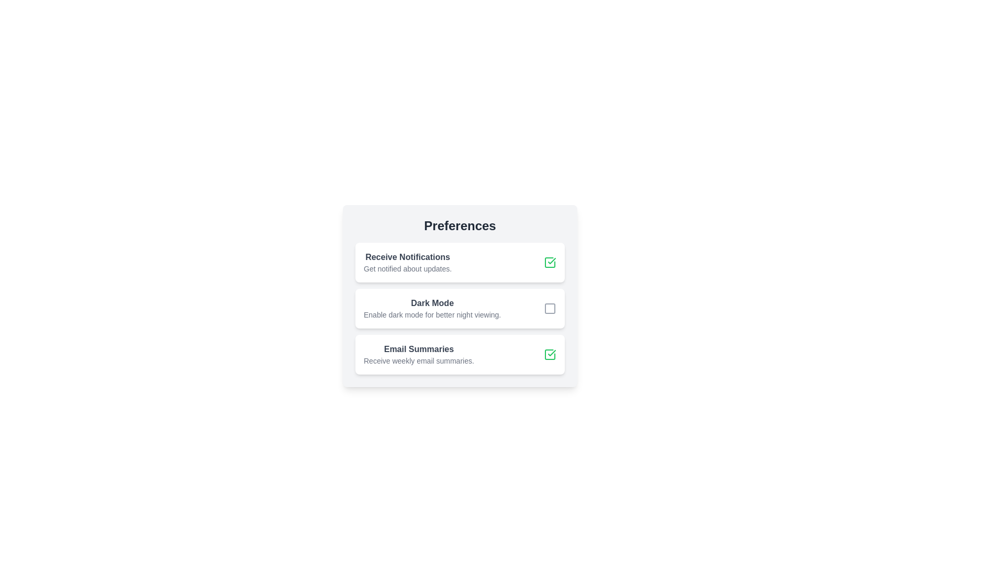 This screenshot has height=565, width=1005. What do you see at coordinates (460, 354) in the screenshot?
I see `the interactive checkbox for enabling or disabling email summary notifications located in the last card of the 'Preferences' section, positioned below the 'Dark Mode' card` at bounding box center [460, 354].